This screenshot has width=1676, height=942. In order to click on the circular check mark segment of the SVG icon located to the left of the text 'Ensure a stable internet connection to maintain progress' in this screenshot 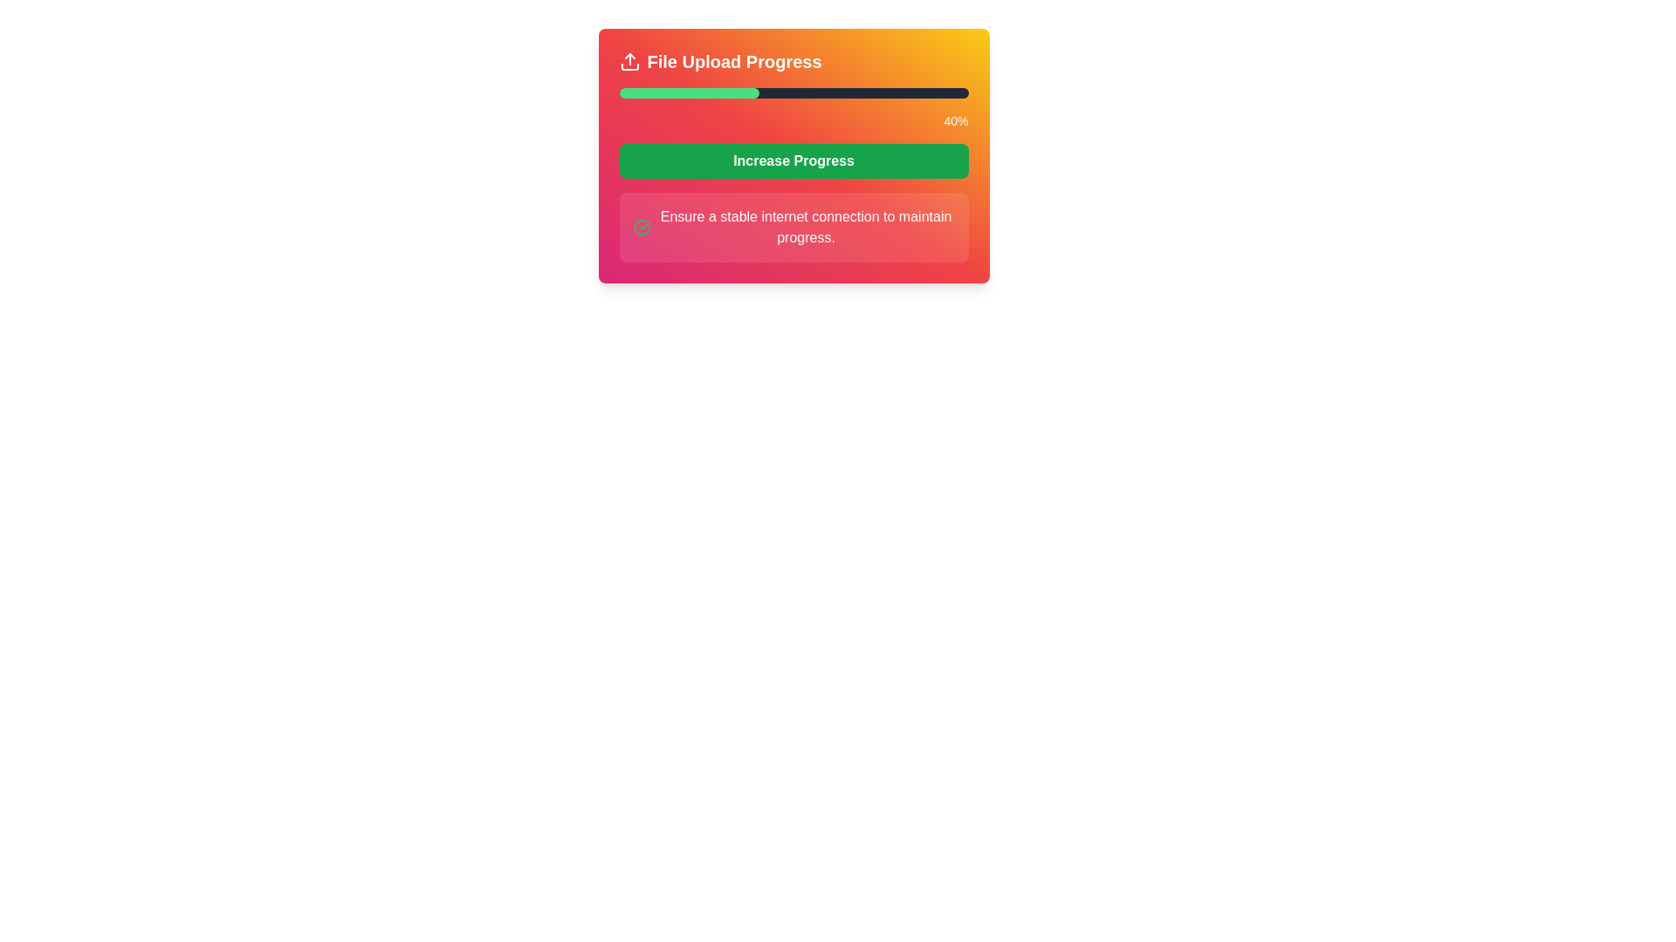, I will do `click(641, 227)`.